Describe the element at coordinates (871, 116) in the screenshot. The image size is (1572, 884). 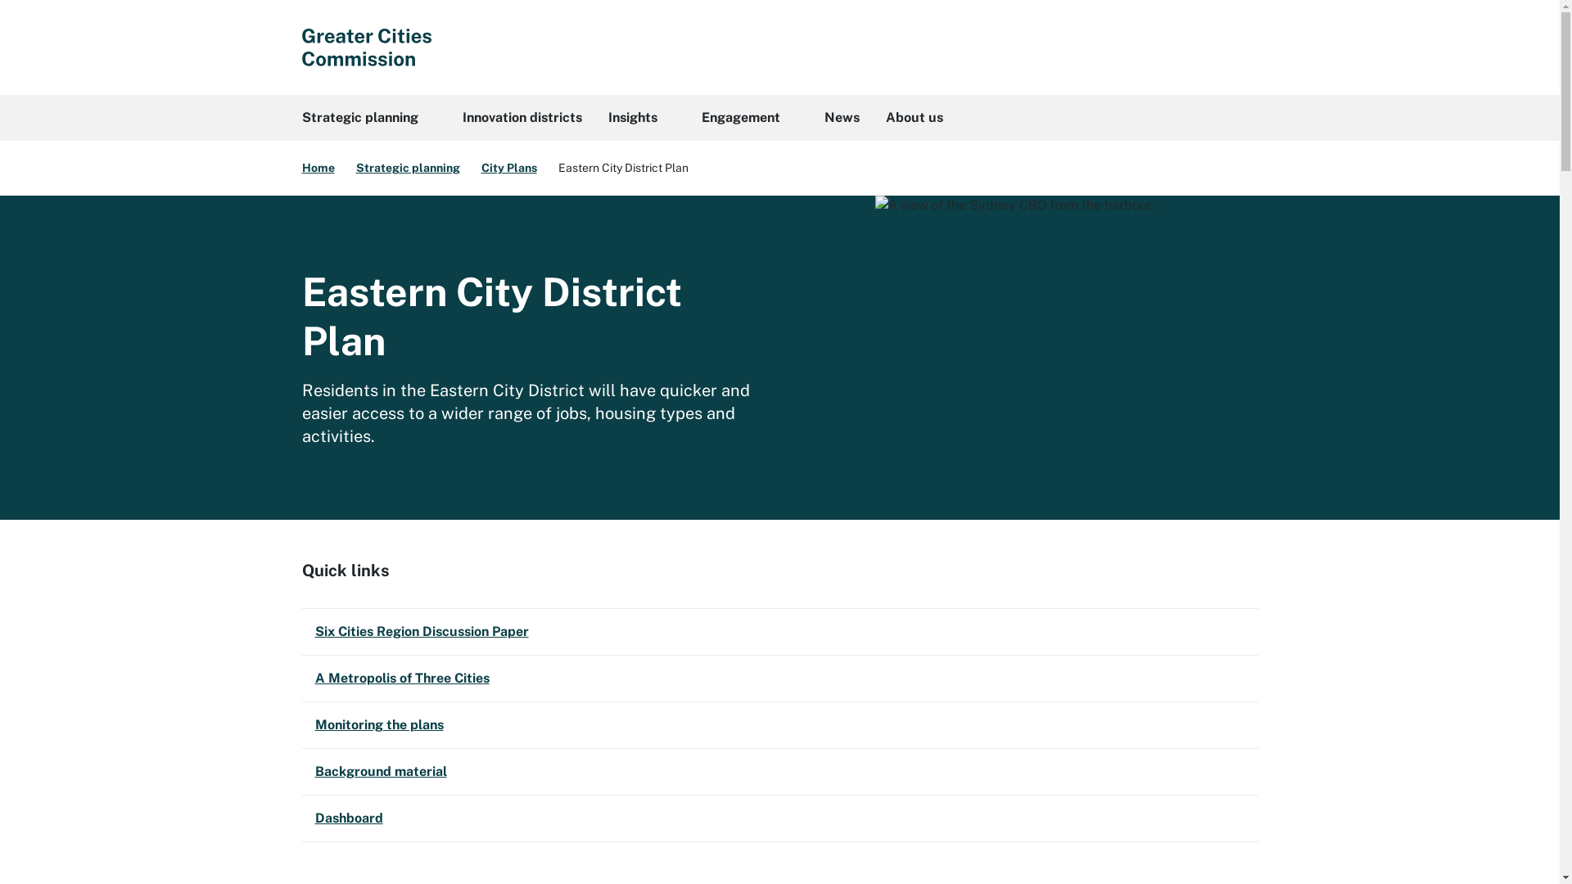
I see `'About us'` at that location.